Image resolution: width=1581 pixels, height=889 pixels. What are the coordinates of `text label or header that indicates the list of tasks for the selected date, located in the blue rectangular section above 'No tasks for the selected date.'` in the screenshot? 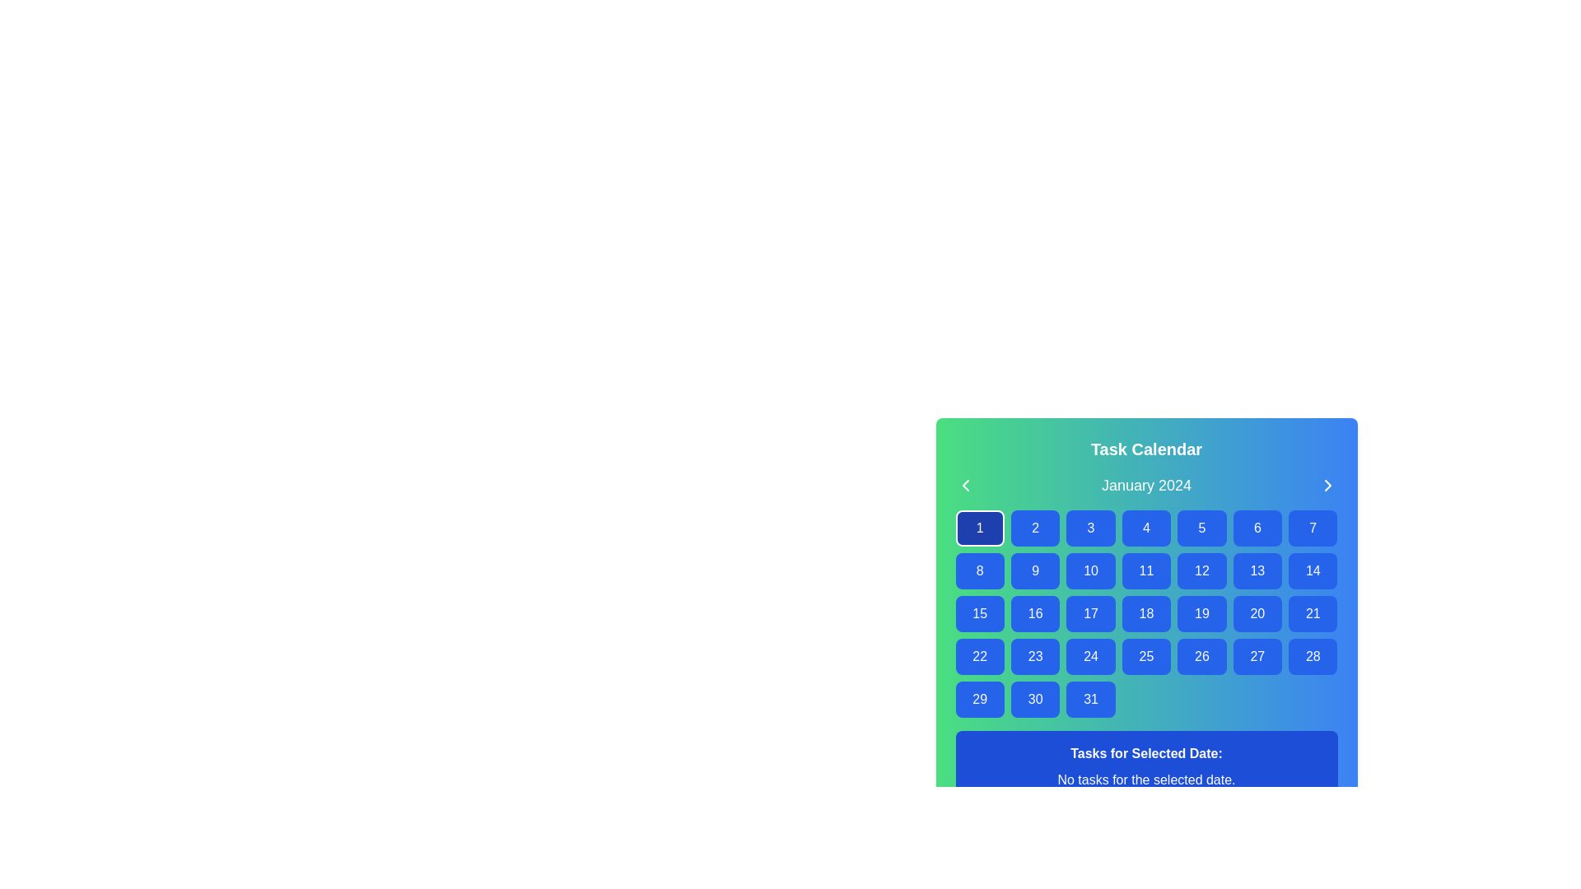 It's located at (1145, 753).